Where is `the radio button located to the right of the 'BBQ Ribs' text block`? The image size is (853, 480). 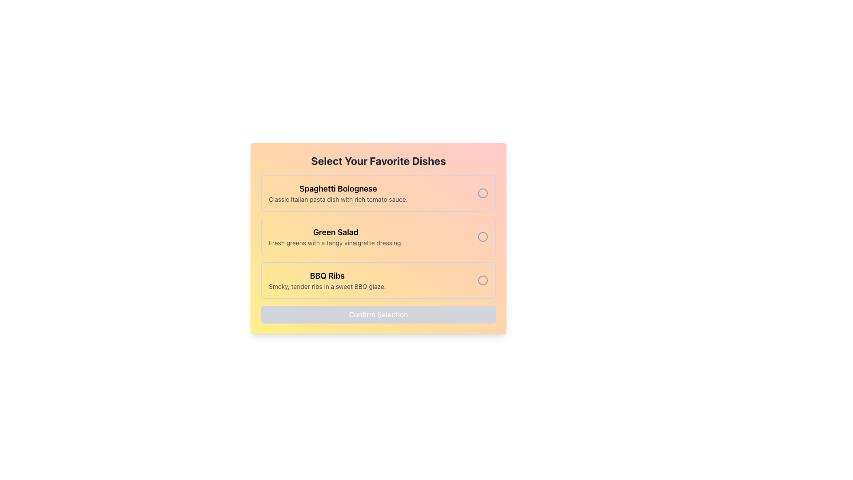 the radio button located to the right of the 'BBQ Ribs' text block is located at coordinates (482, 280).